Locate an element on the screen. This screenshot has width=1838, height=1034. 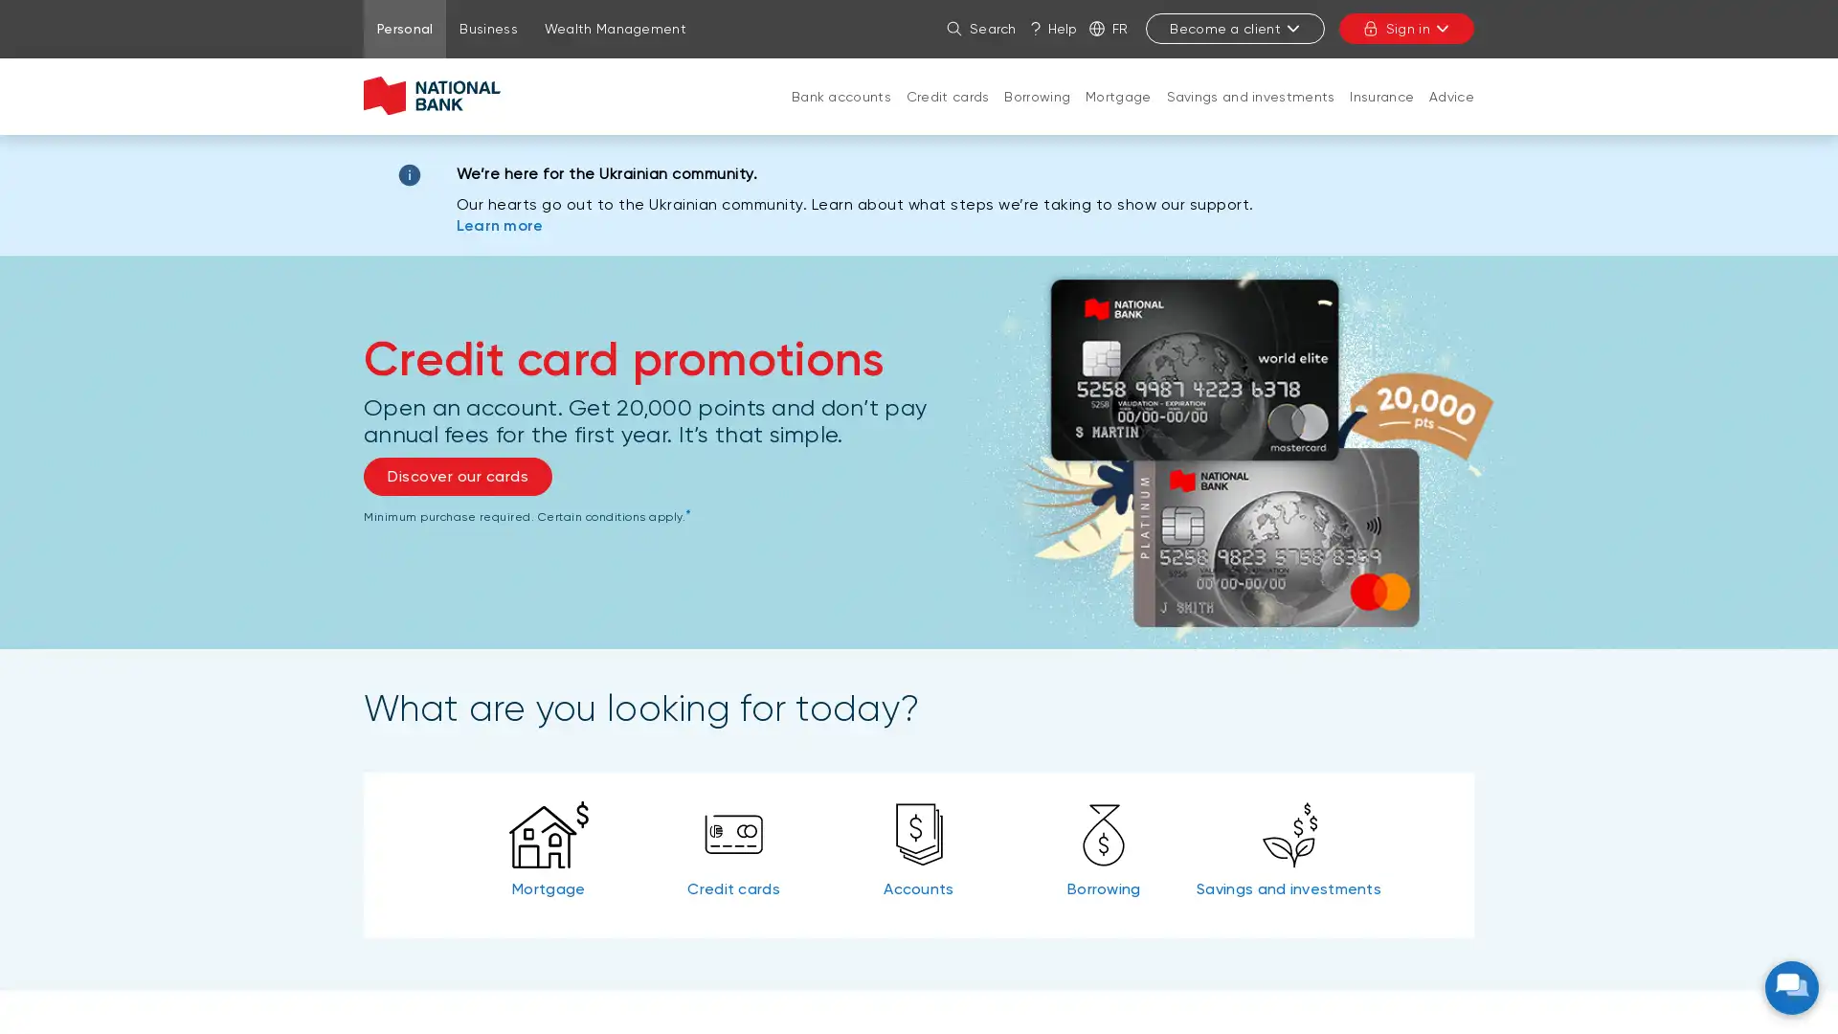
Search on the site is located at coordinates (980, 28).